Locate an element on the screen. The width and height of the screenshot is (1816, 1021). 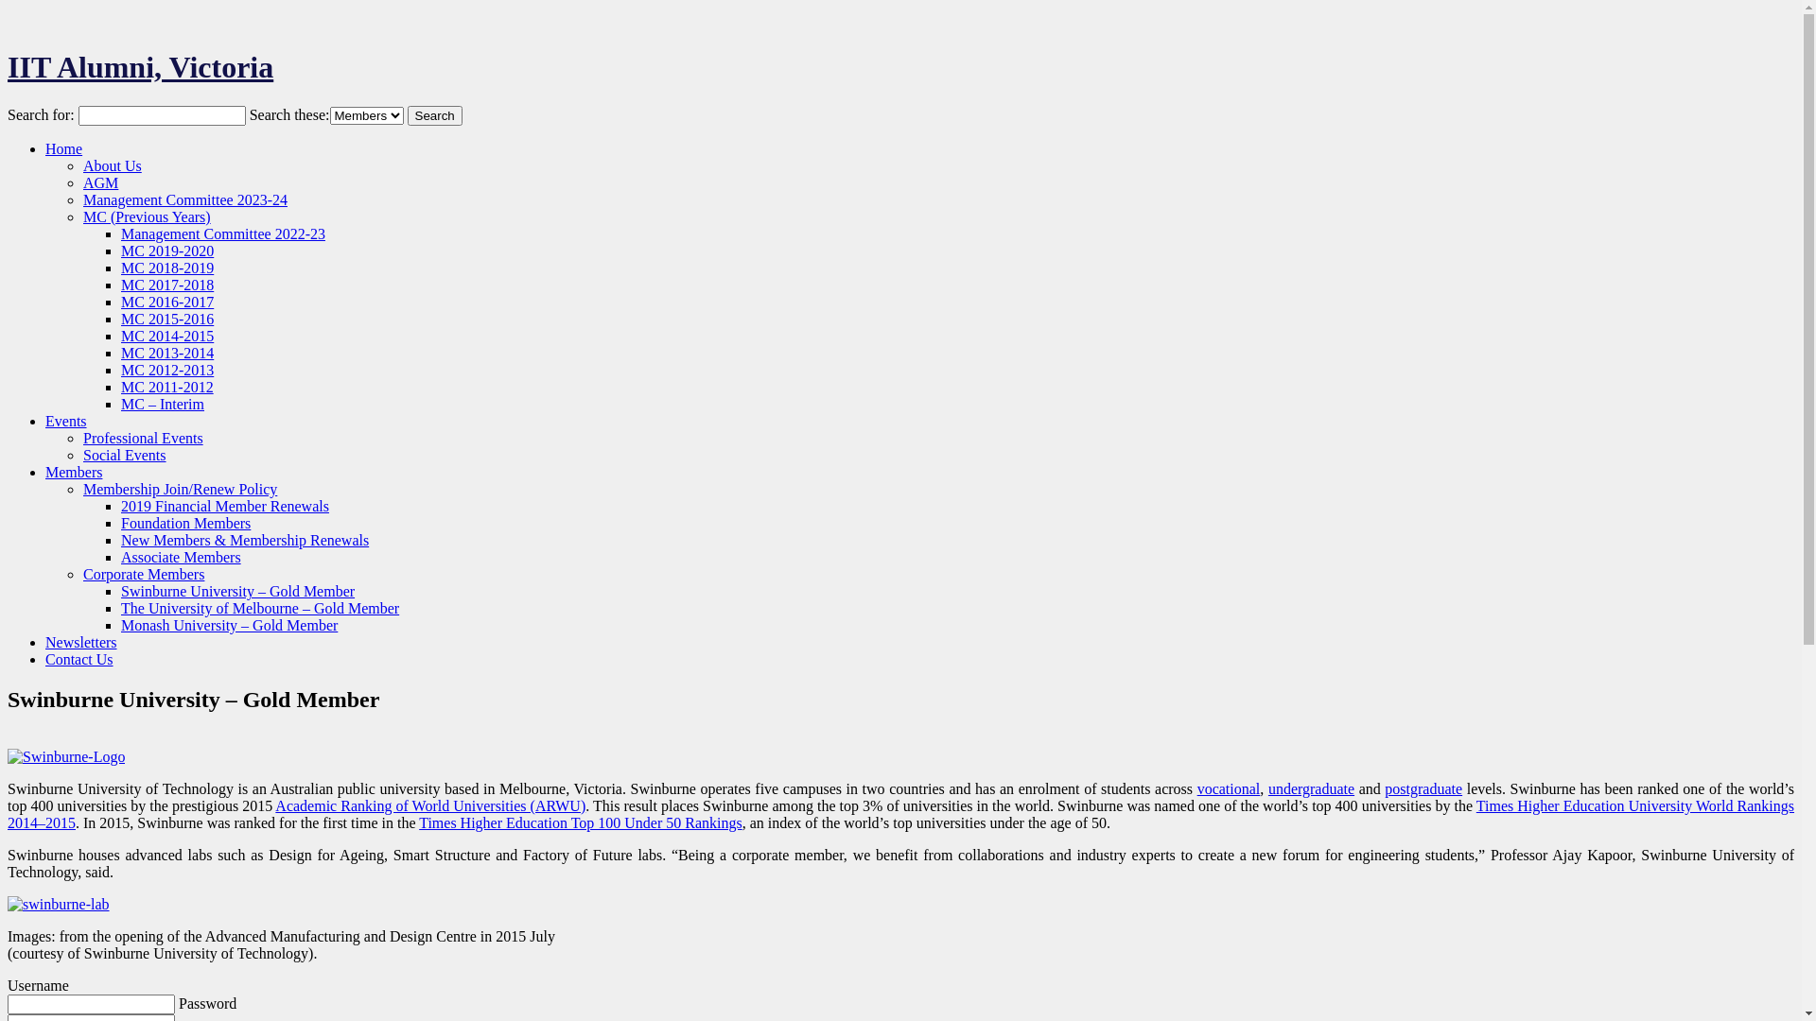
'Social Events' is located at coordinates (123, 455).